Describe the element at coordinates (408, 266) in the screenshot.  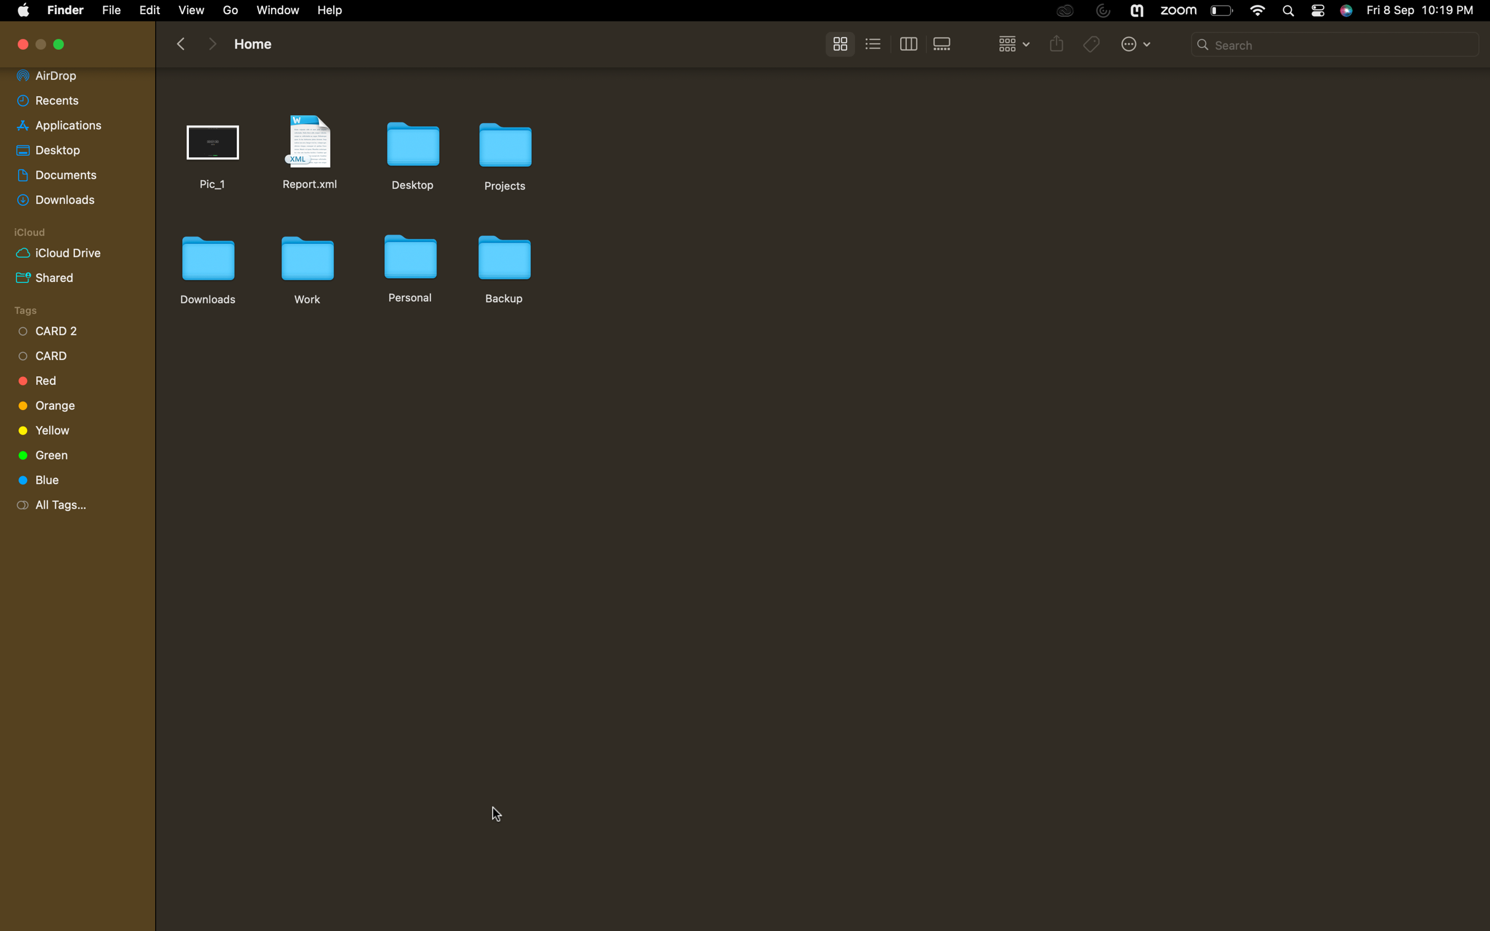
I see `the personal folder"s name to home` at that location.